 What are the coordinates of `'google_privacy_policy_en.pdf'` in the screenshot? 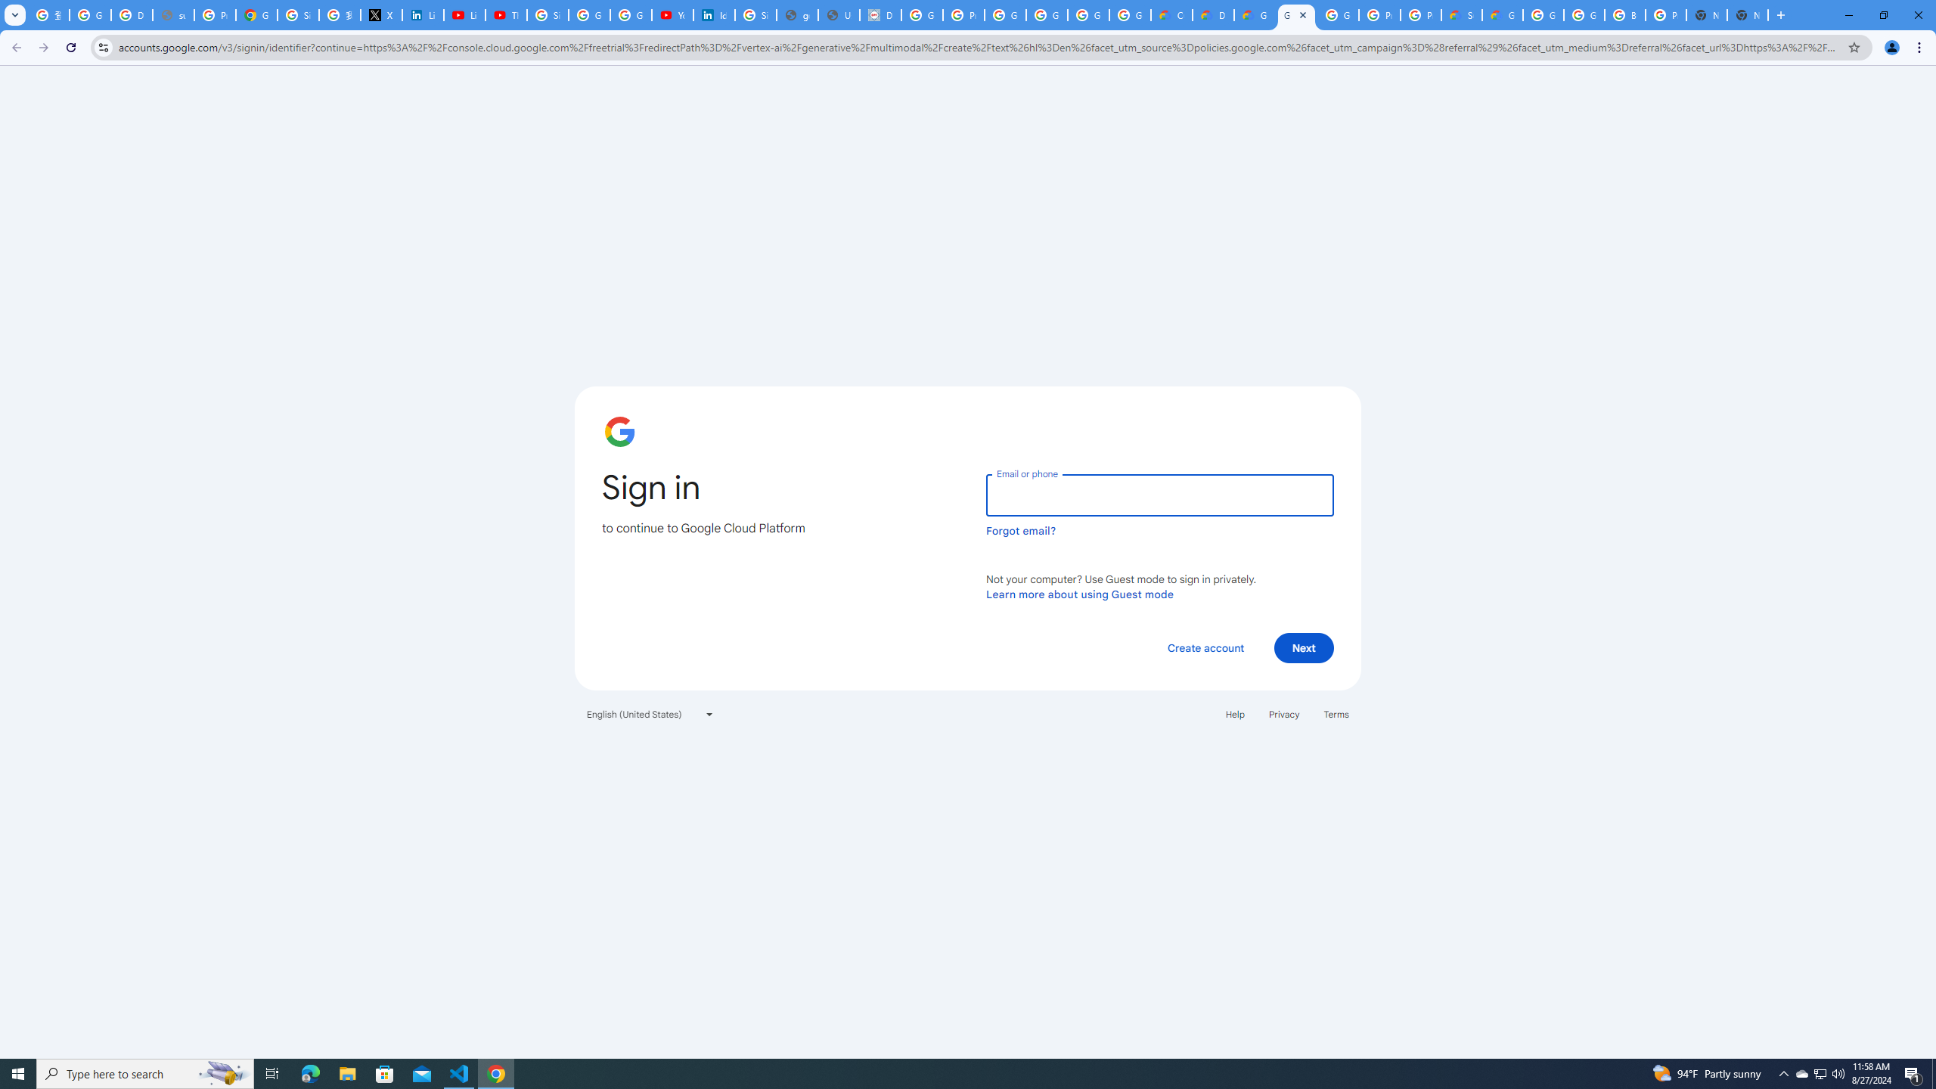 It's located at (796, 14).